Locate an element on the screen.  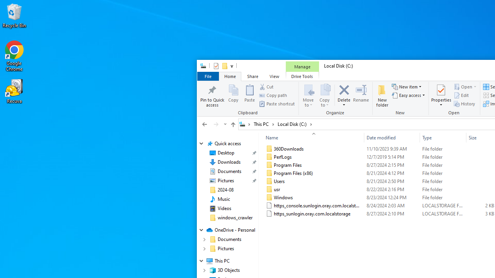
'Documents (pinned)' is located at coordinates (229, 171).